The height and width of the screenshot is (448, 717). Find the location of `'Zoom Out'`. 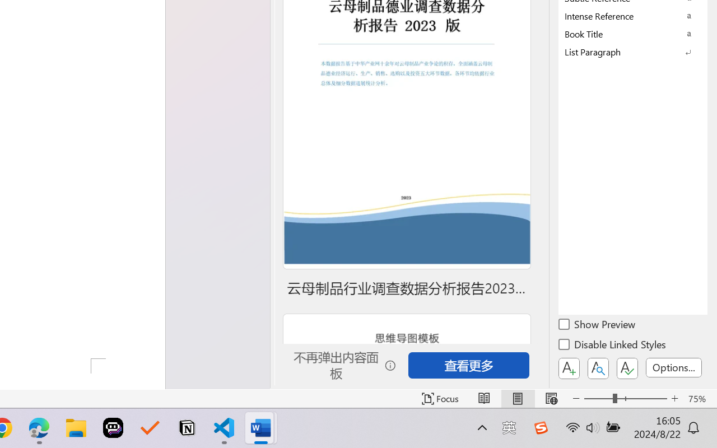

'Zoom Out' is located at coordinates (598, 398).